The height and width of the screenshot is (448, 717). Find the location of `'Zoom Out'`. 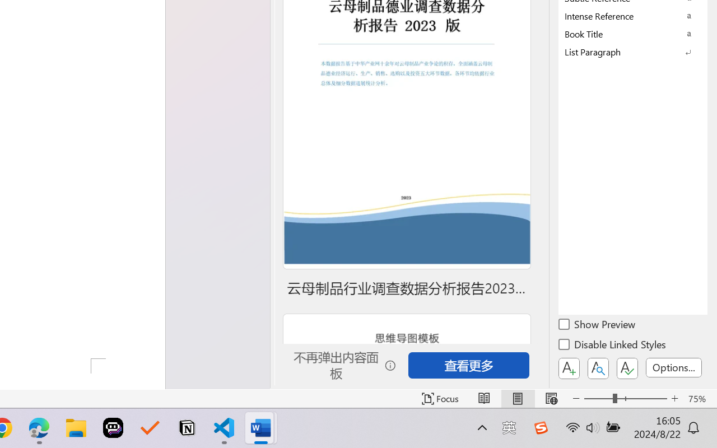

'Zoom Out' is located at coordinates (598, 398).